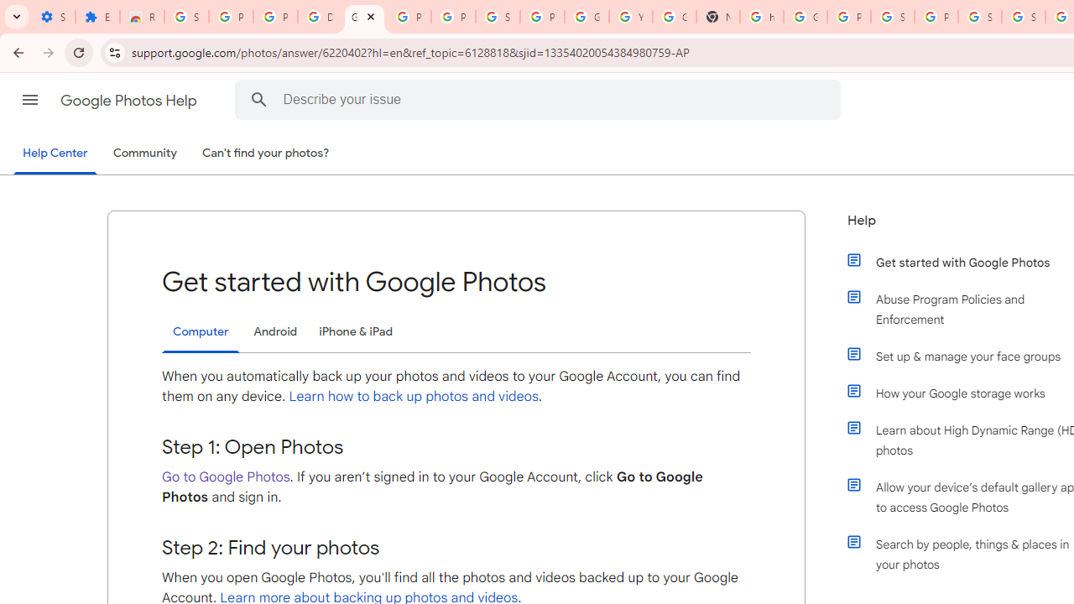 This screenshot has height=604, width=1074. I want to click on 'Computer', so click(201, 332).